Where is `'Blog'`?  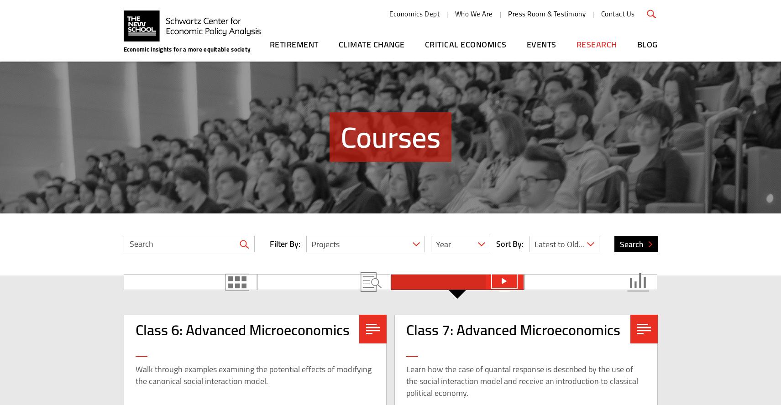
'Blog' is located at coordinates (646, 43).